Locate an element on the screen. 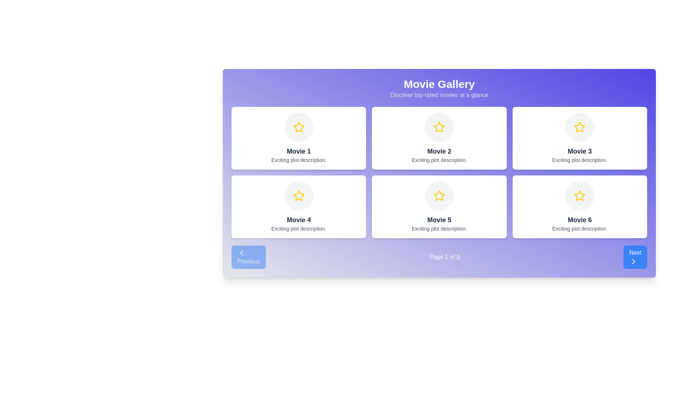 This screenshot has width=700, height=394. the text label displaying 'Movie 4' in bold gray font, located in the second row, first column of the grid layout, above the plot description and below the rating icon is located at coordinates (299, 219).